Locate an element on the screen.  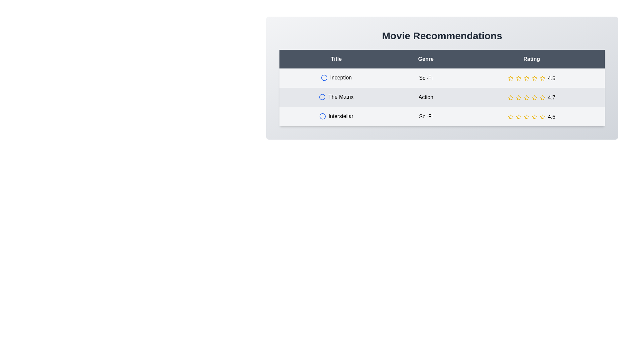
the star rating for a movie to 2 stars is located at coordinates (518, 78).